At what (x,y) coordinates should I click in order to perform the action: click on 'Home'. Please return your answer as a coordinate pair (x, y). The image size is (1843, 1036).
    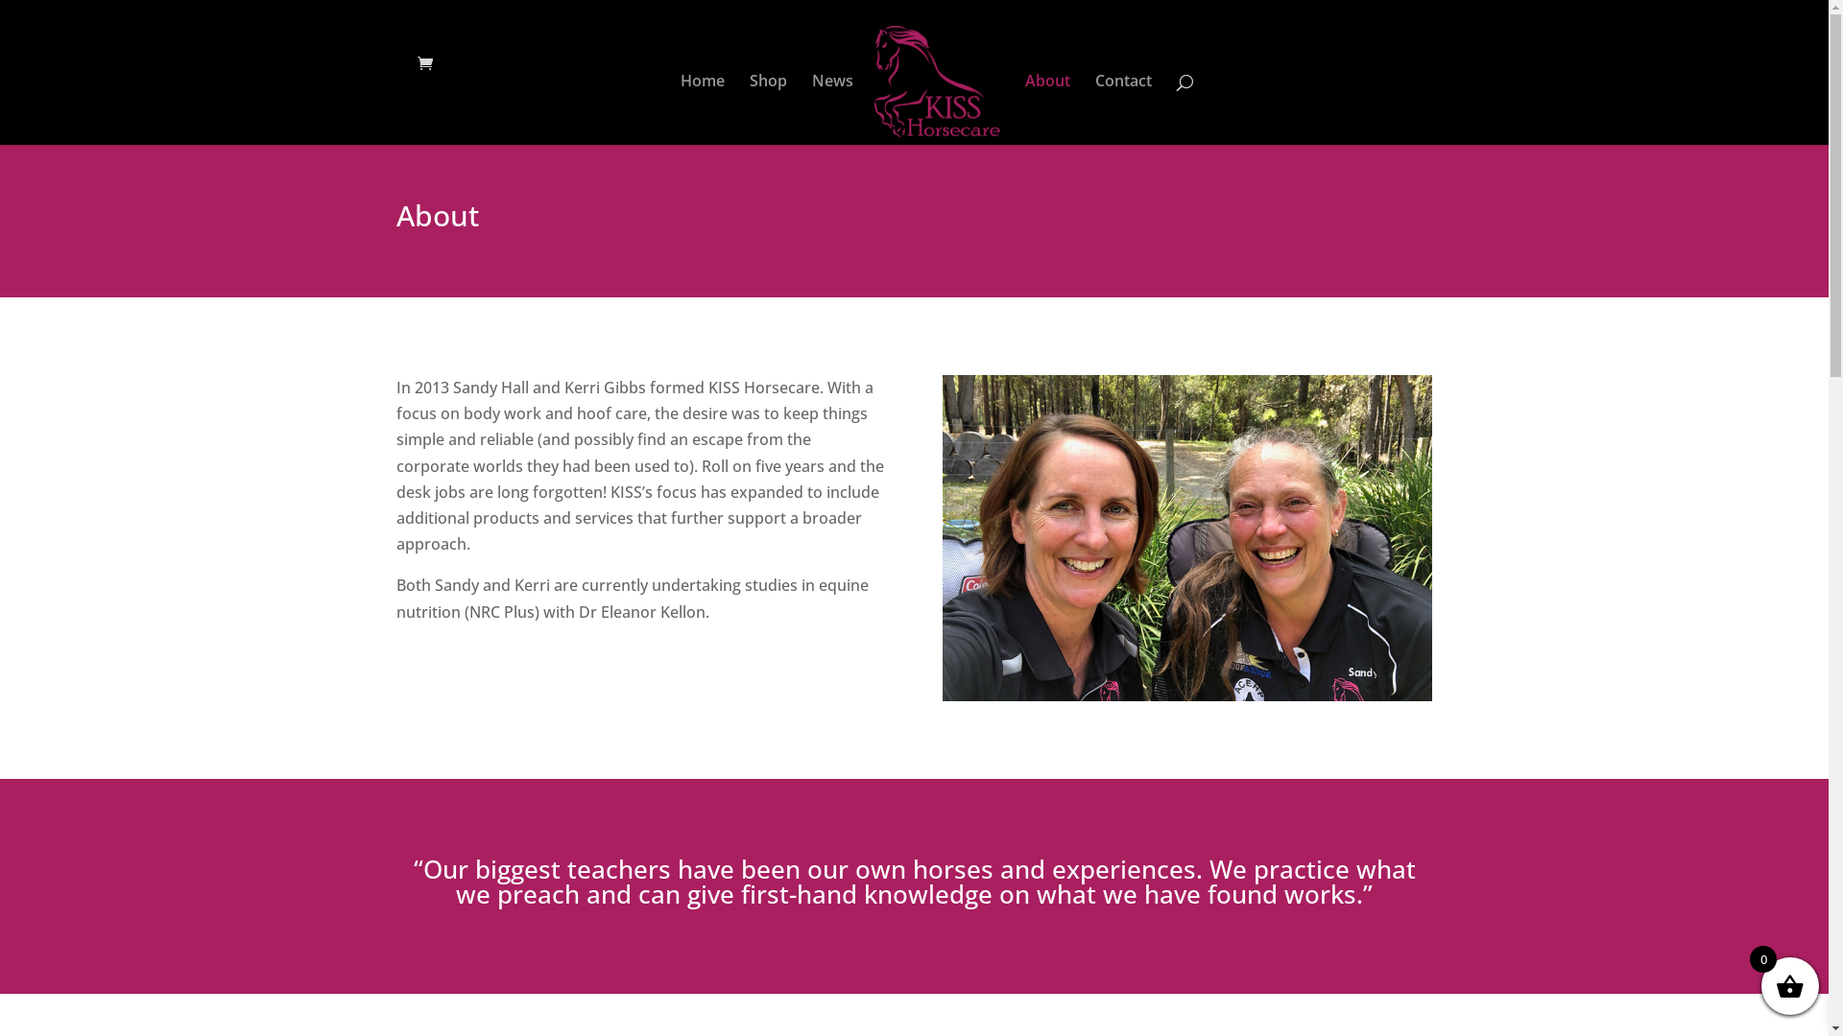
    Looking at the image, I should click on (701, 109).